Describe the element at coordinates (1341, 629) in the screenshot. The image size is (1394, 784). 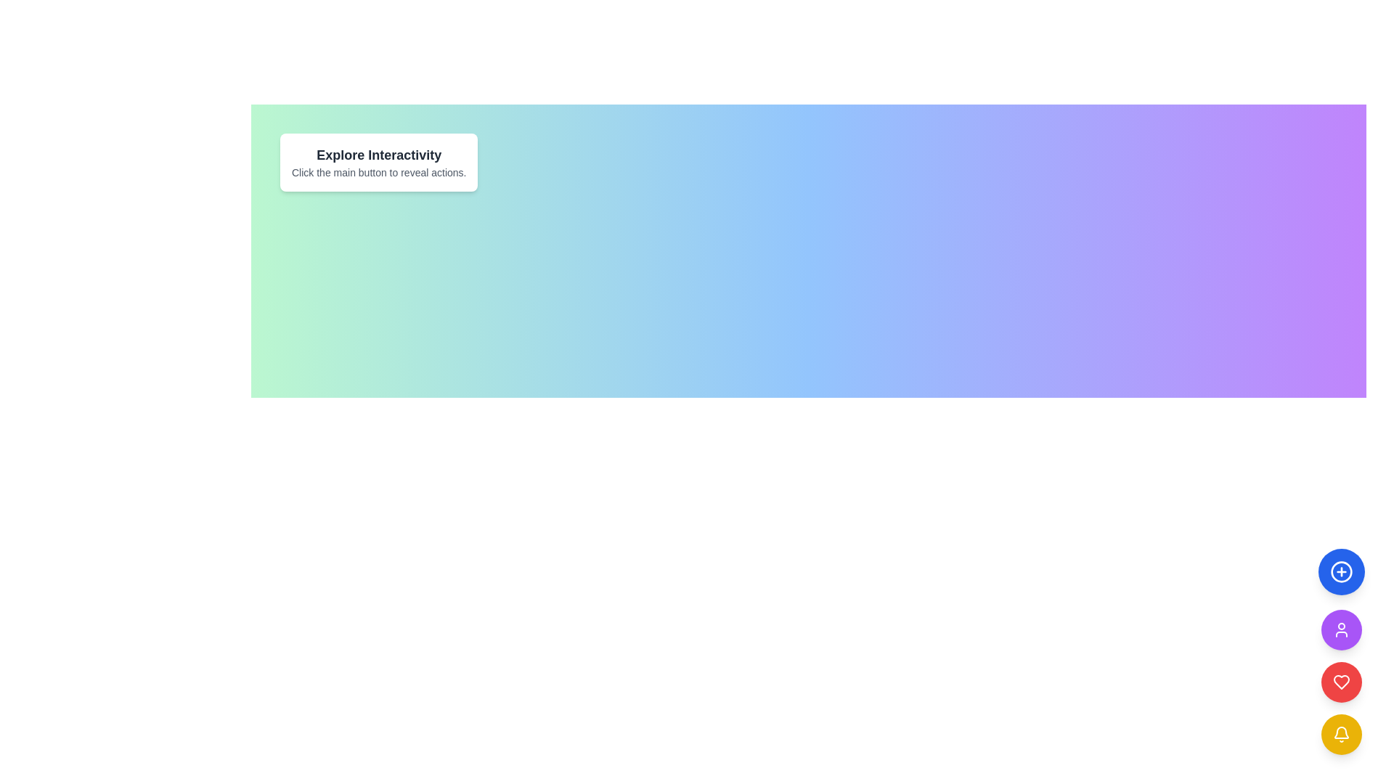
I see `the second circular purple button in the vertical stack` at that location.